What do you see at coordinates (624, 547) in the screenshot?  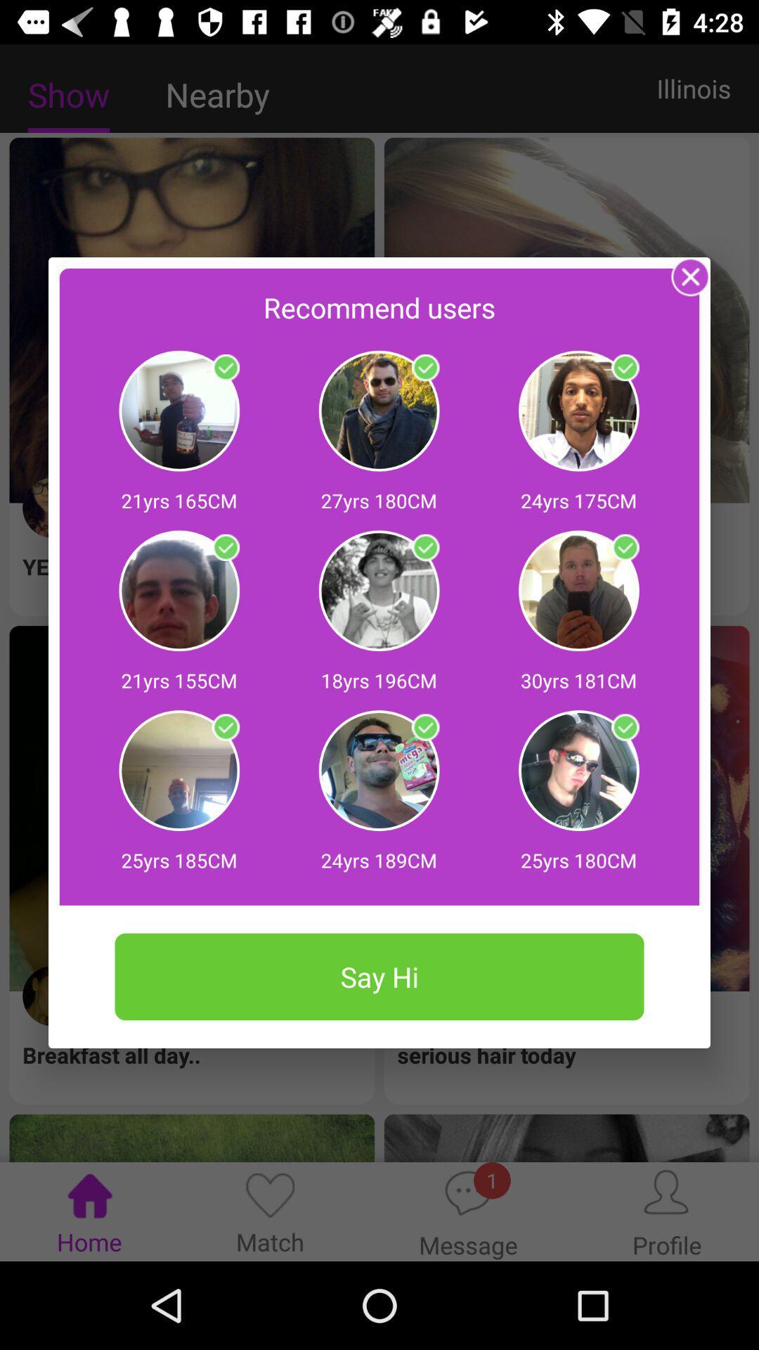 I see `select/deselect option` at bounding box center [624, 547].